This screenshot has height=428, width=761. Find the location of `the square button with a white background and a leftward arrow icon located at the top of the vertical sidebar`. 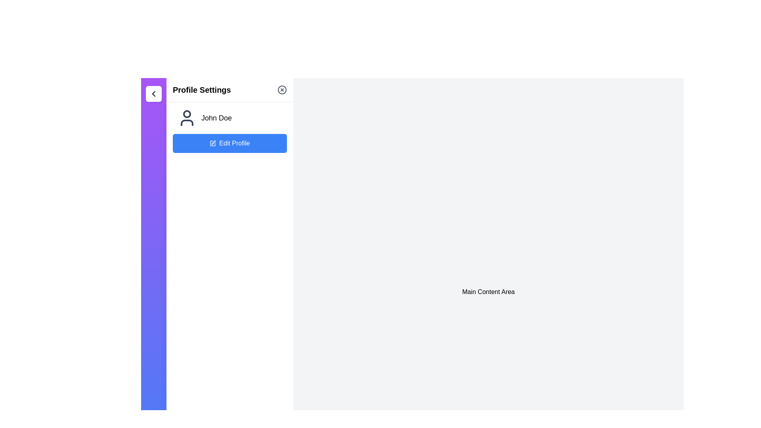

the square button with a white background and a leftward arrow icon located at the top of the vertical sidebar is located at coordinates (154, 93).